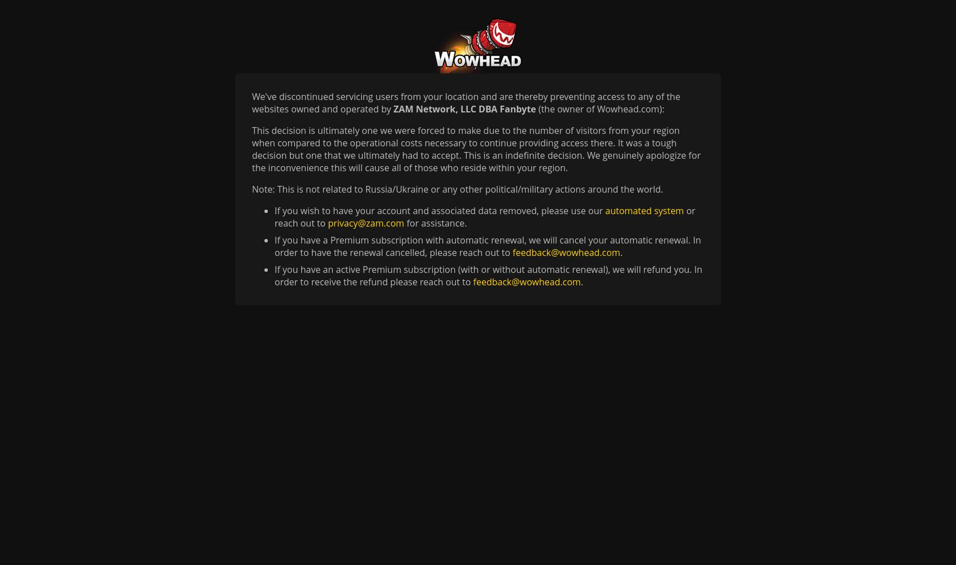  I want to click on 'ZAM Network, LLC DBA Fanbyte', so click(464, 108).